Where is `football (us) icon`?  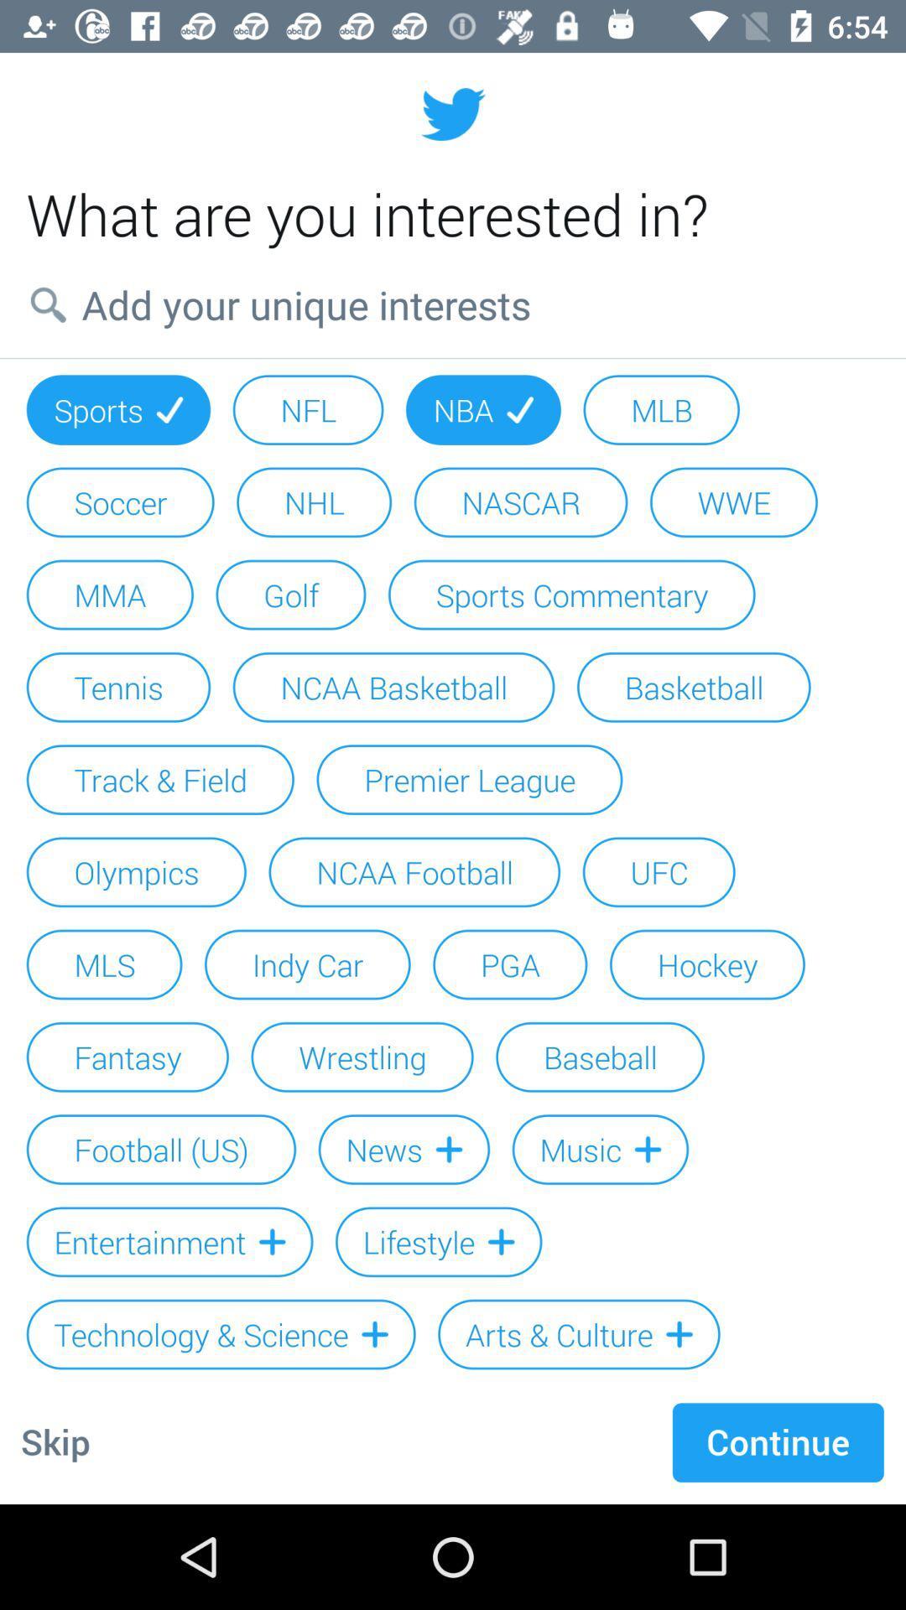
football (us) icon is located at coordinates (161, 1149).